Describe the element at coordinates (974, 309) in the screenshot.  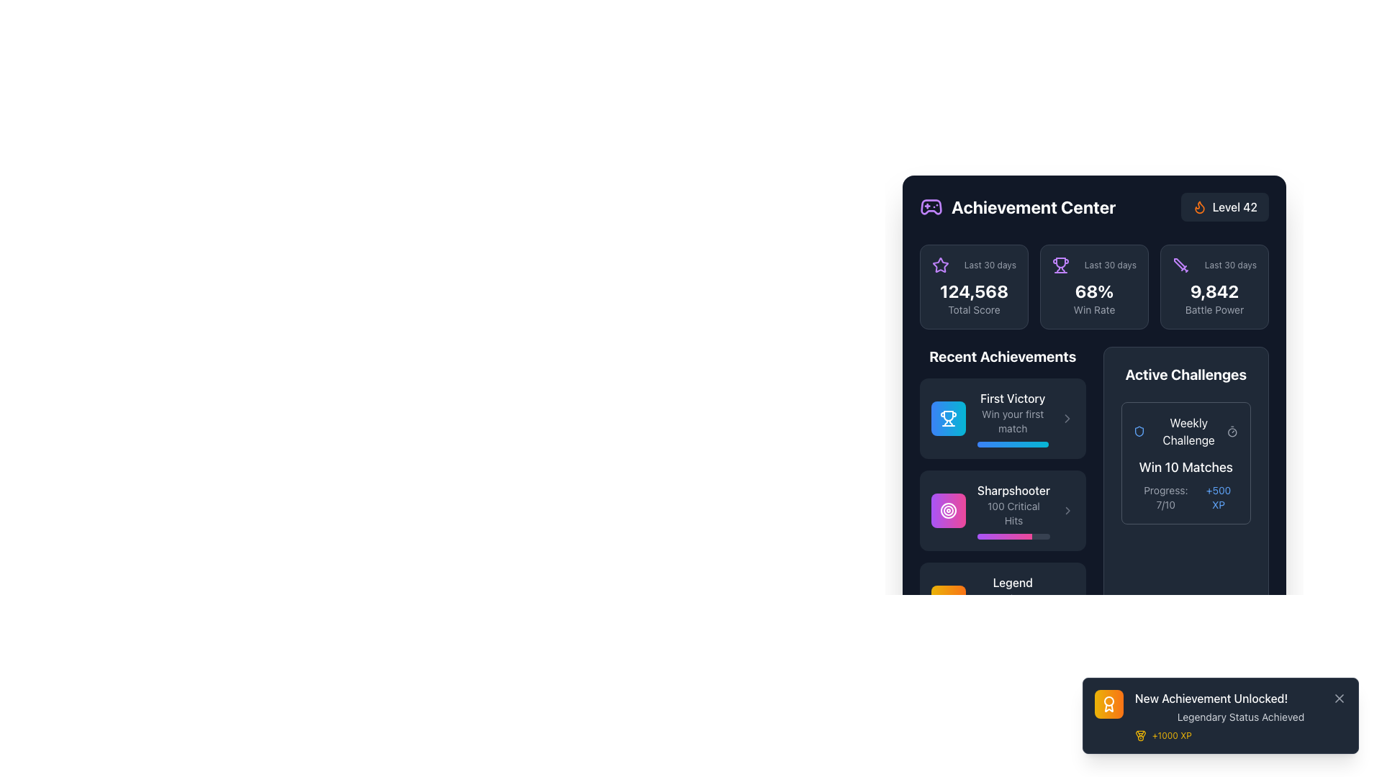
I see `the descriptive text label indicating 'Total Score' located below the numeric value '124,568' in the 'Achievement Center' section` at that location.